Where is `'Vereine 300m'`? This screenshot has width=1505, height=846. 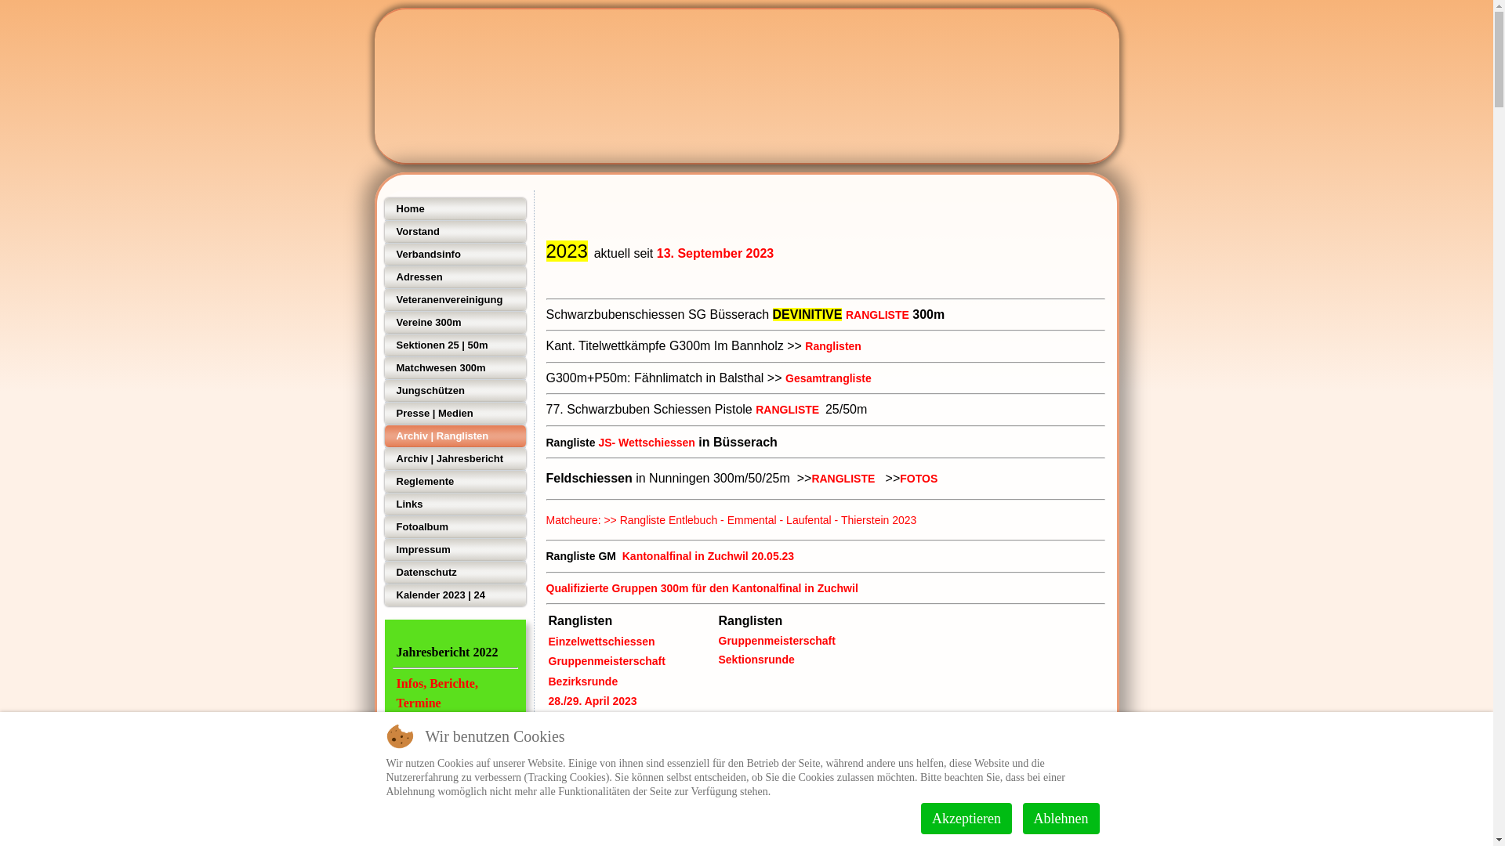 'Vereine 300m' is located at coordinates (454, 322).